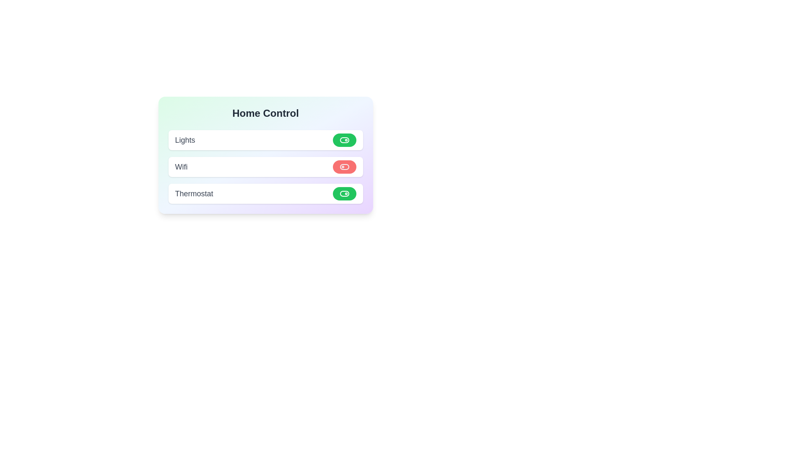 The height and width of the screenshot is (452, 805). Describe the element at coordinates (184, 140) in the screenshot. I see `the text label displaying 'Lights' in bold dark gray located in the first row of the control panel` at that location.